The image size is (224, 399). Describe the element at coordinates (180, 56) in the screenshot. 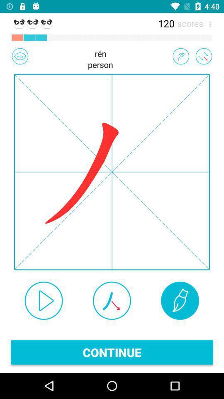

I see `item next to the person icon` at that location.